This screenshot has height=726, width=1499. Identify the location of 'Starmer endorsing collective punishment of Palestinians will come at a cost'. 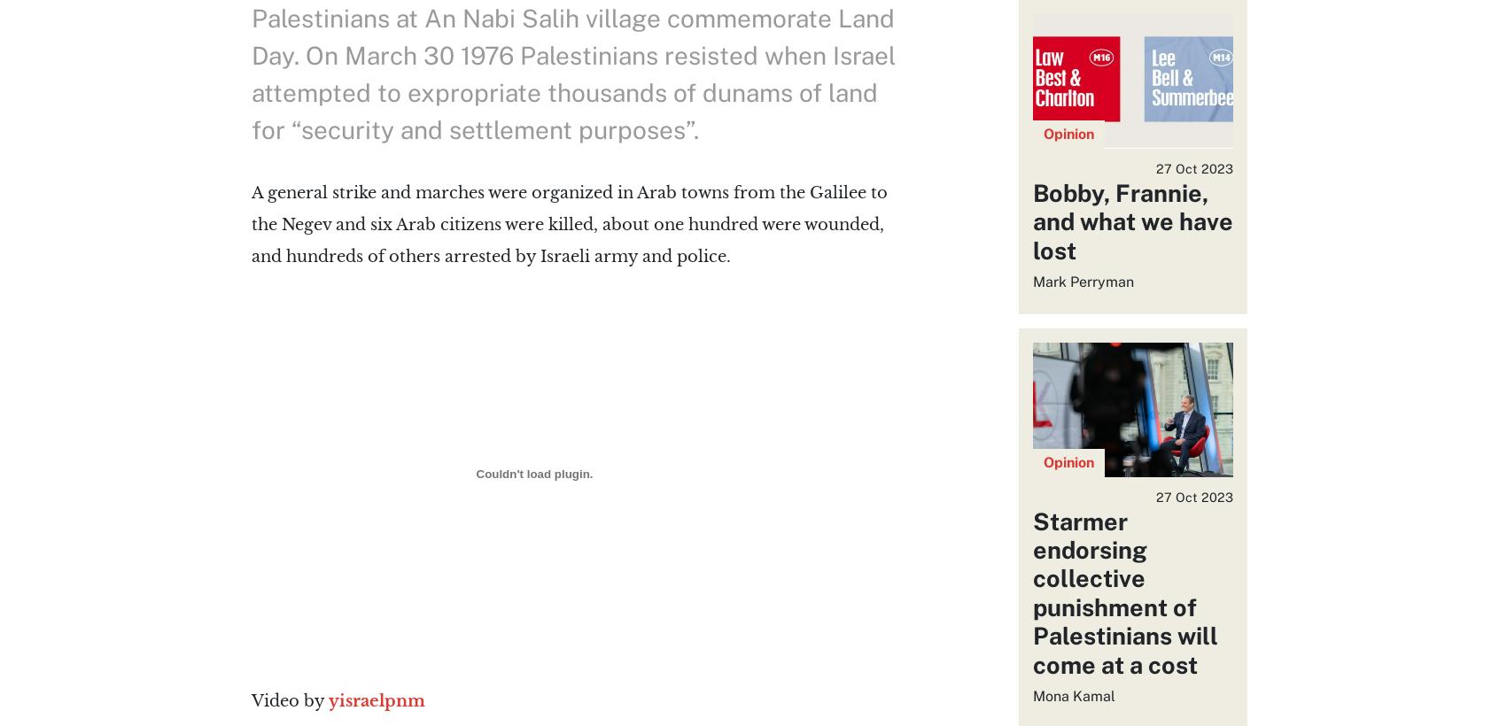
(1030, 592).